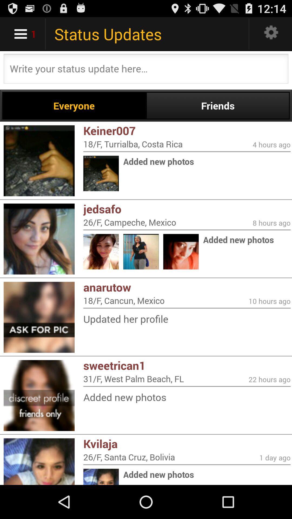 The width and height of the screenshot is (292, 519). Describe the element at coordinates (271, 34) in the screenshot. I see `open settings` at that location.